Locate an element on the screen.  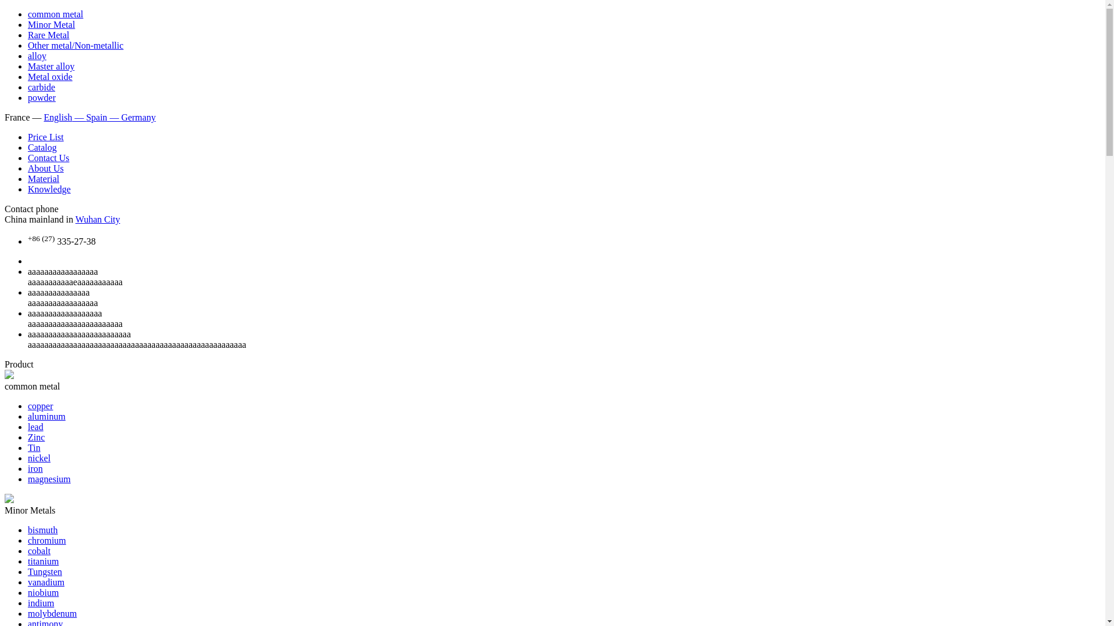
'Rare Metal' is located at coordinates (28, 34).